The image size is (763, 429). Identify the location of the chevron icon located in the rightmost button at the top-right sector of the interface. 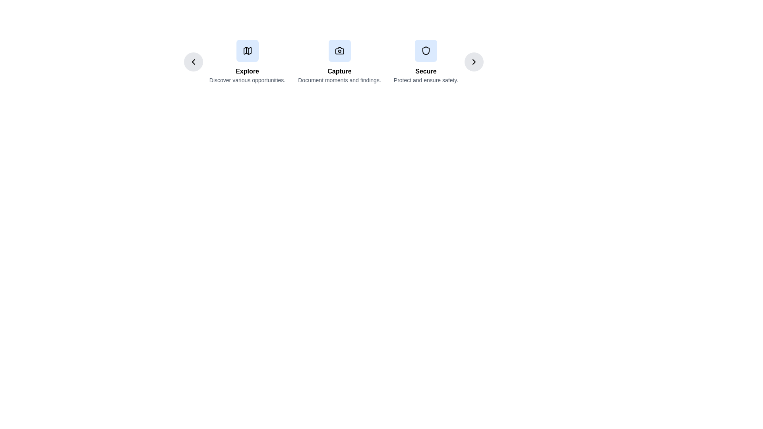
(474, 61).